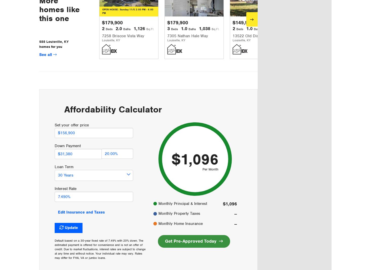 Image resolution: width=367 pixels, height=270 pixels. What do you see at coordinates (57, 212) in the screenshot?
I see `'Edit Insurance and Taxes'` at bounding box center [57, 212].